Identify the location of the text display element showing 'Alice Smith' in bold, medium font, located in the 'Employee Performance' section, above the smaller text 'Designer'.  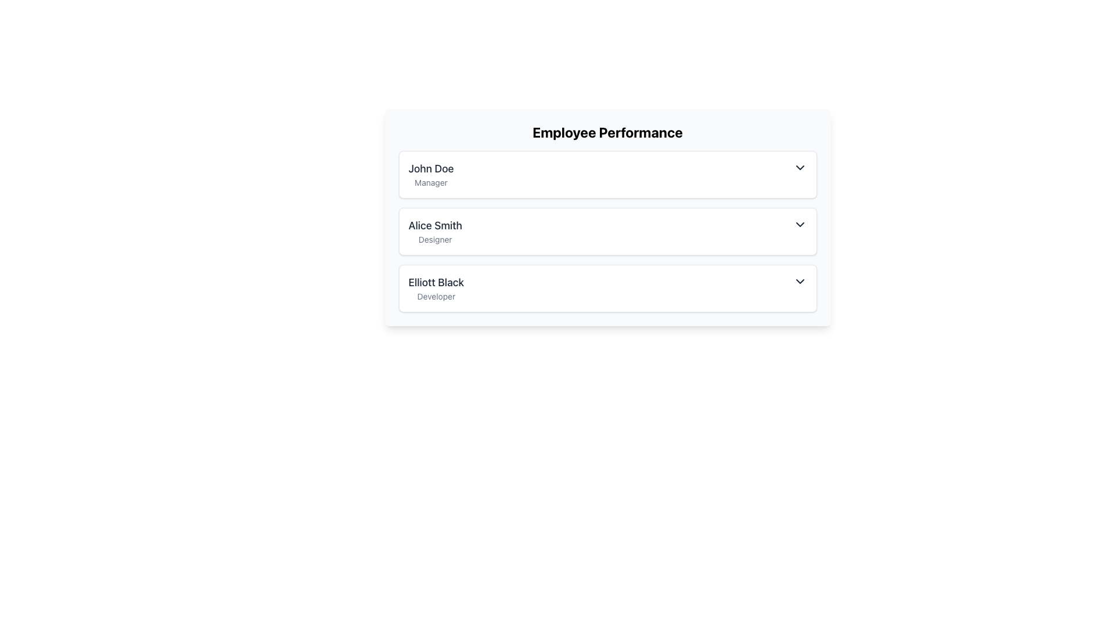
(434, 226).